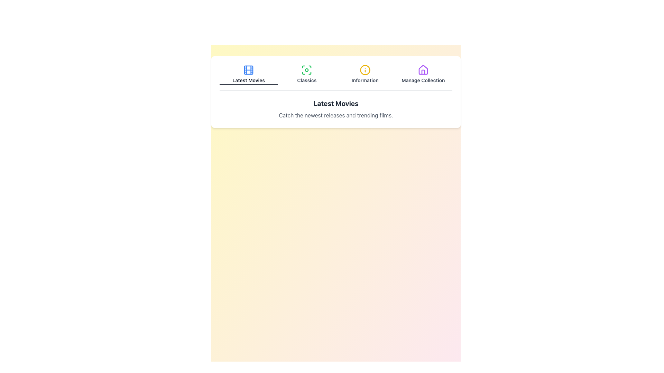 The height and width of the screenshot is (373, 664). Describe the element at coordinates (336, 104) in the screenshot. I see `the heading text label that introduces the latest movies, positioned above the sibling element containing 'Catch the newest releases and trending films.'` at that location.